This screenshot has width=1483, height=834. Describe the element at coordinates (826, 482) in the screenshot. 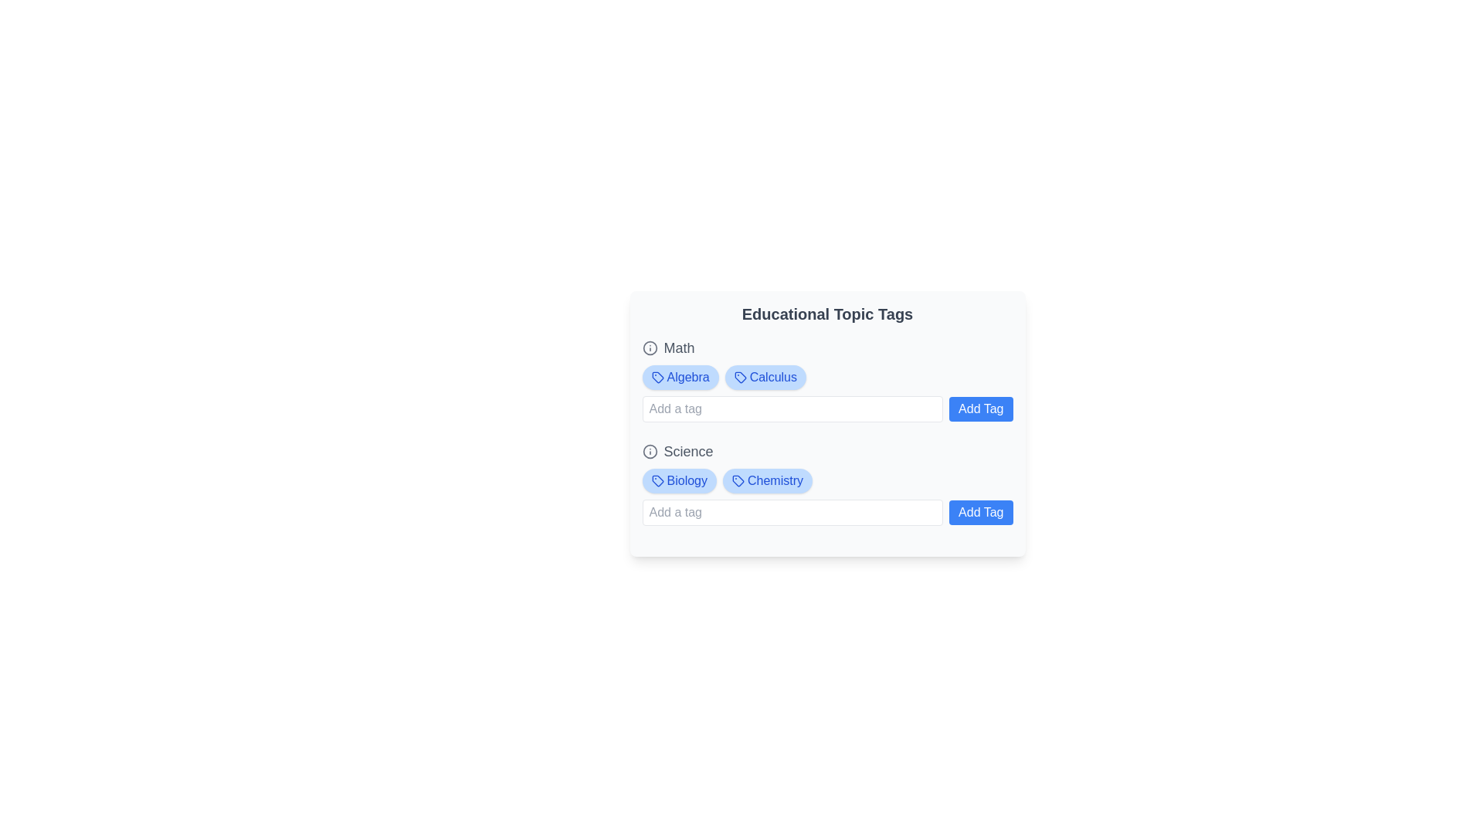

I see `the existing tags 'Biology' and 'Chemistry' located under the 'Science' title in the 'Educational Topic Tags' section` at that location.